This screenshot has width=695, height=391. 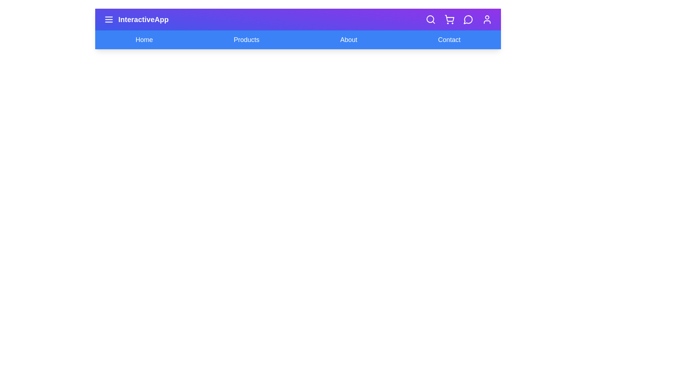 What do you see at coordinates (144, 40) in the screenshot?
I see `the navigation link Home` at bounding box center [144, 40].